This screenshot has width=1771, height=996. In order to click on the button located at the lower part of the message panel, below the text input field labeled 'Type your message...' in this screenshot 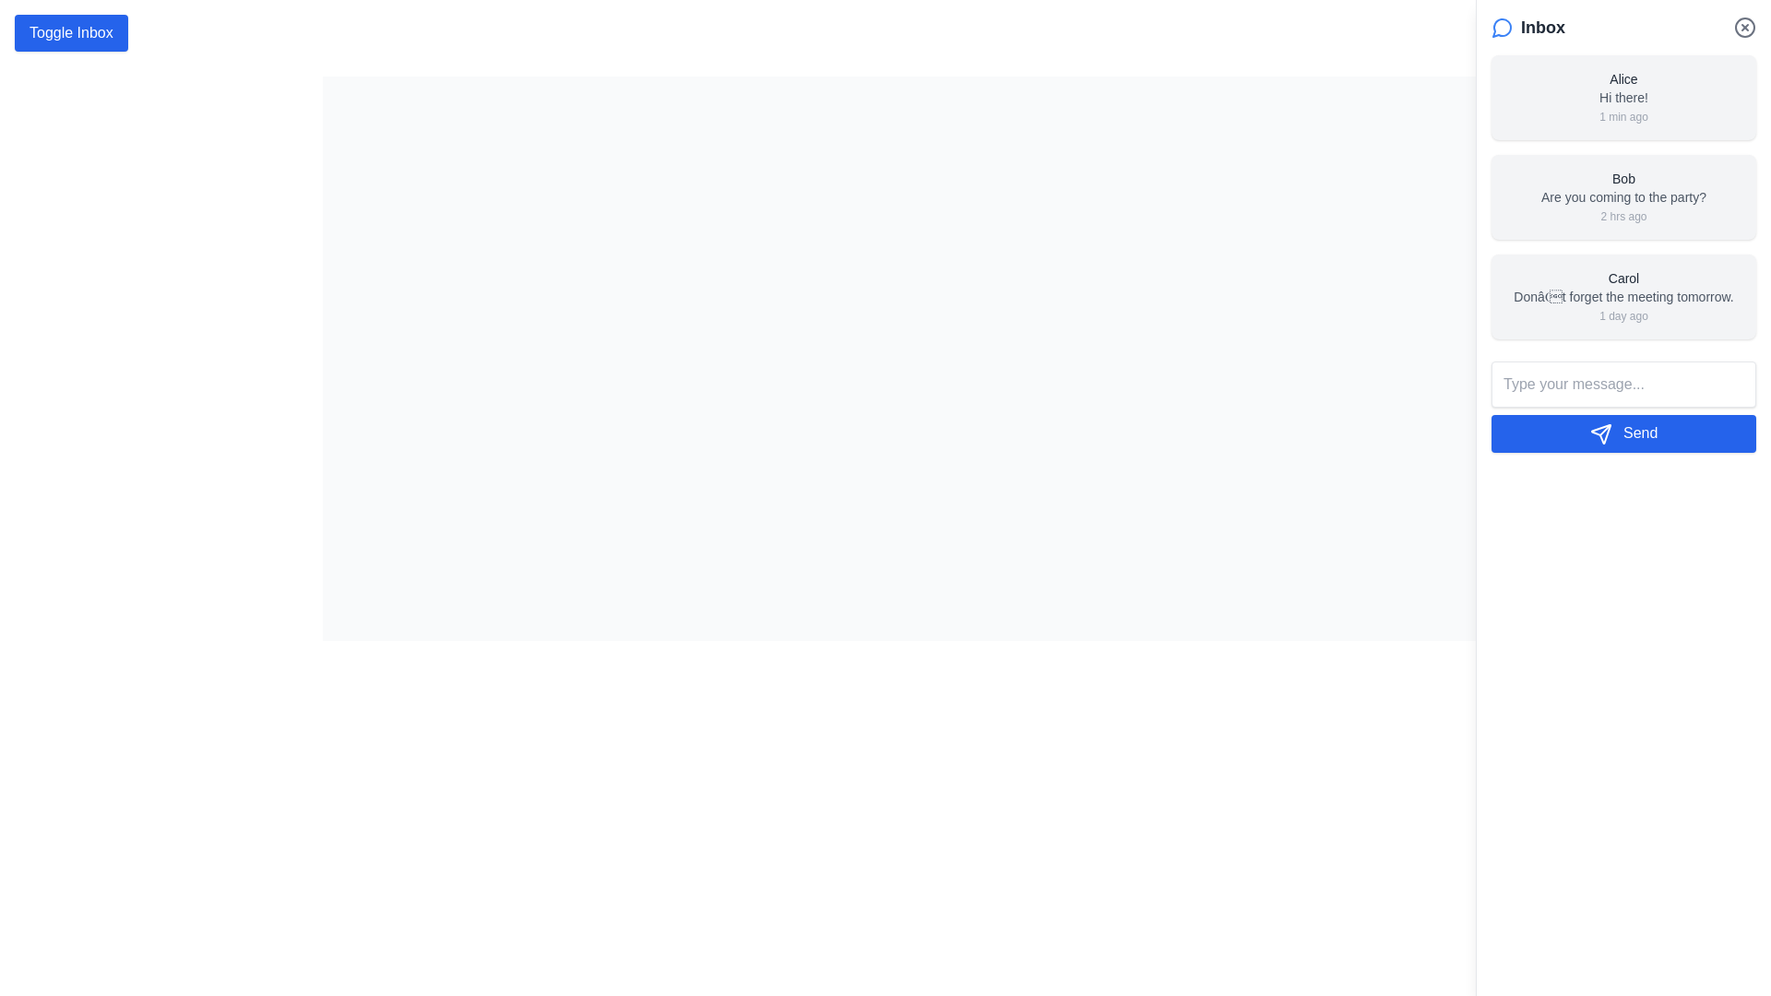, I will do `click(1623, 433)`.